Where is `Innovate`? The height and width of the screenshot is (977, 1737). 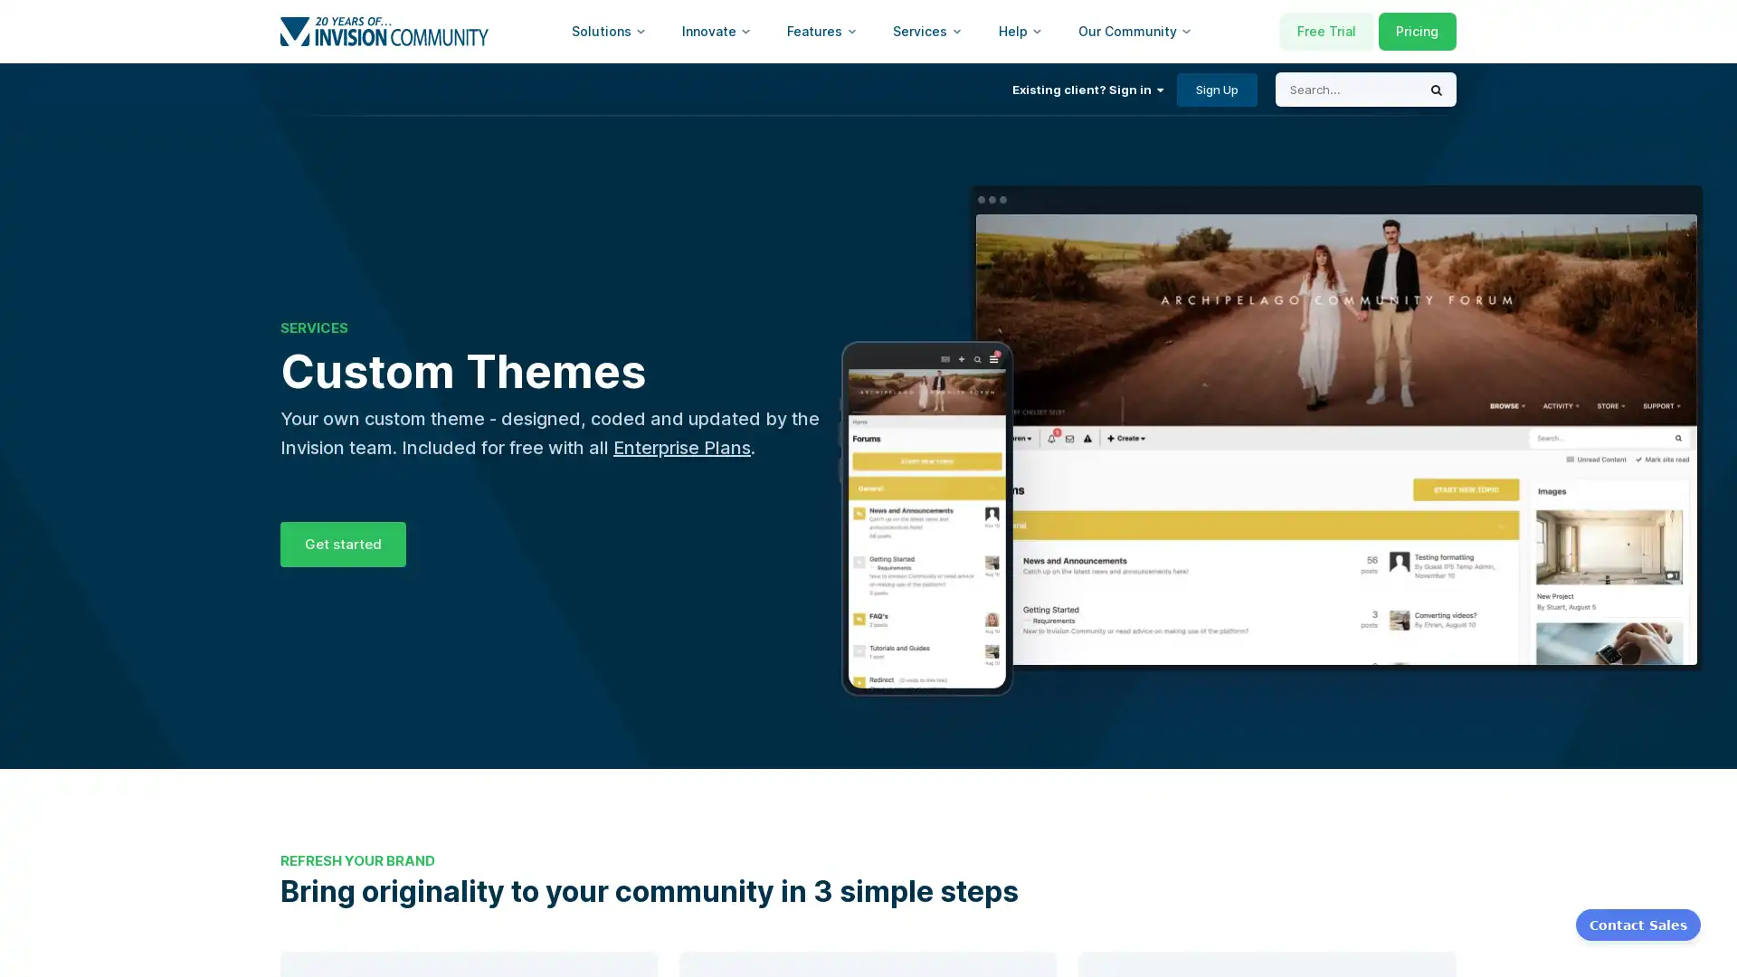 Innovate is located at coordinates (716, 31).